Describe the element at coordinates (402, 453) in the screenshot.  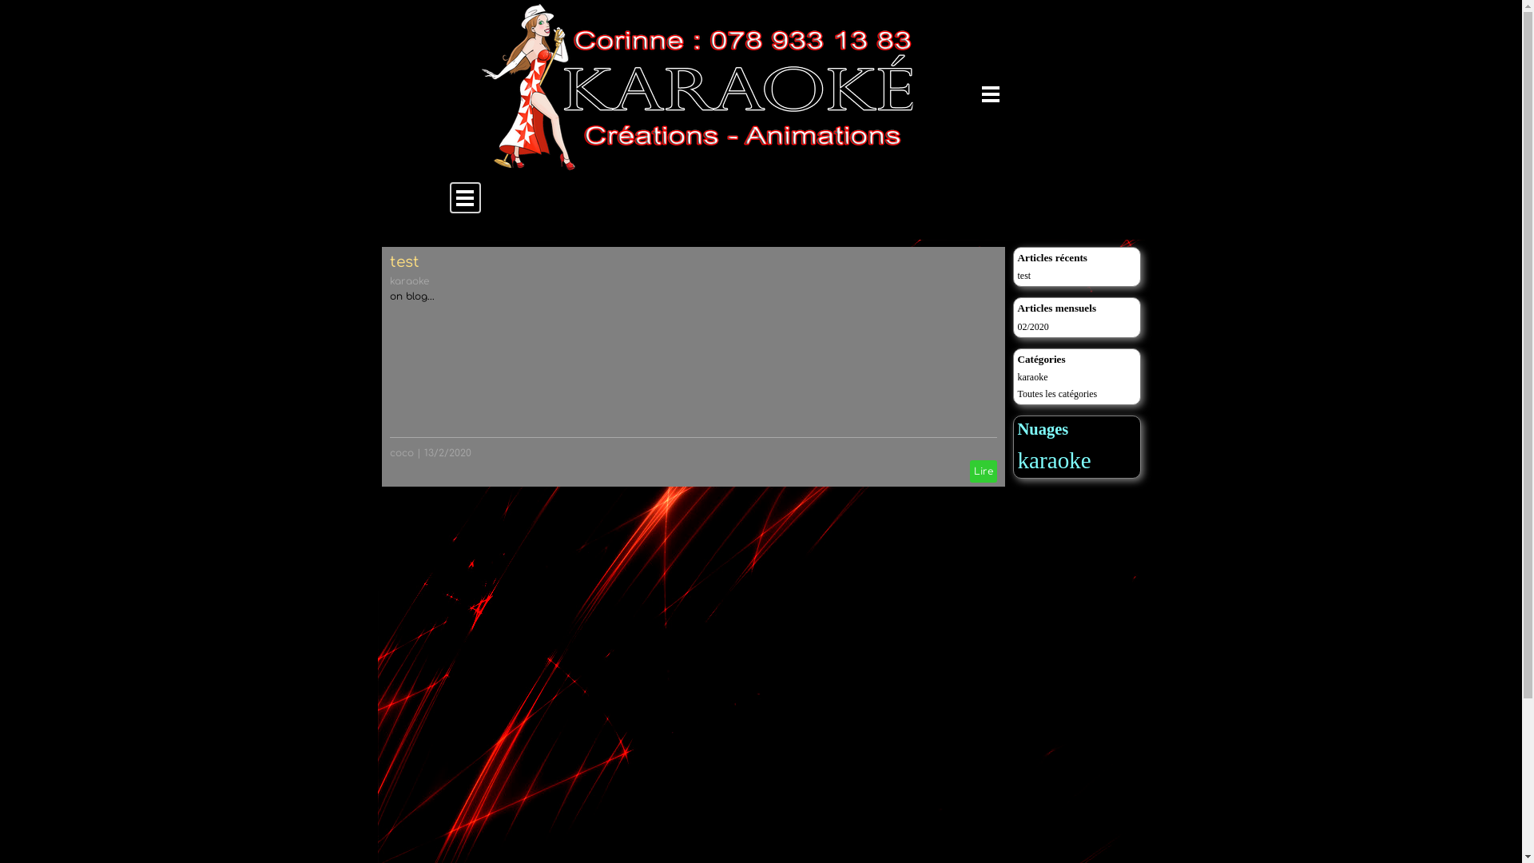
I see `'coco'` at that location.